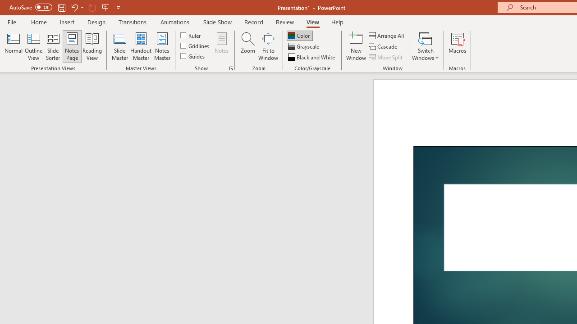  I want to click on 'Notes Page', so click(72, 46).